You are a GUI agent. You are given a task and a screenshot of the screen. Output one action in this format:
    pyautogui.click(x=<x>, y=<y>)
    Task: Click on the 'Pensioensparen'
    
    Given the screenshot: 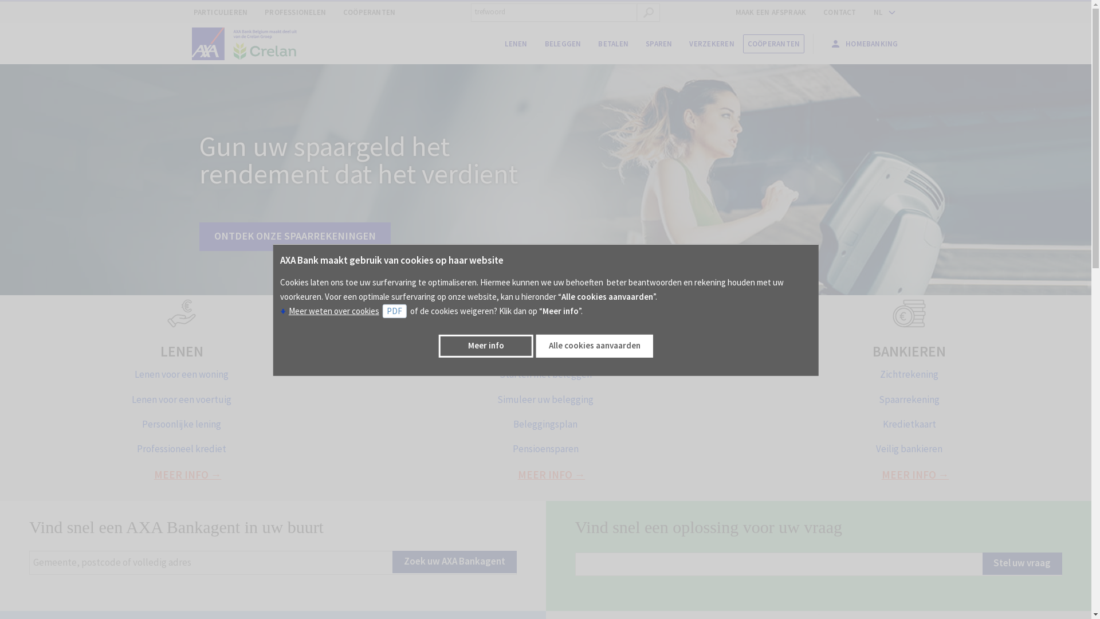 What is the action you would take?
    pyautogui.click(x=545, y=448)
    